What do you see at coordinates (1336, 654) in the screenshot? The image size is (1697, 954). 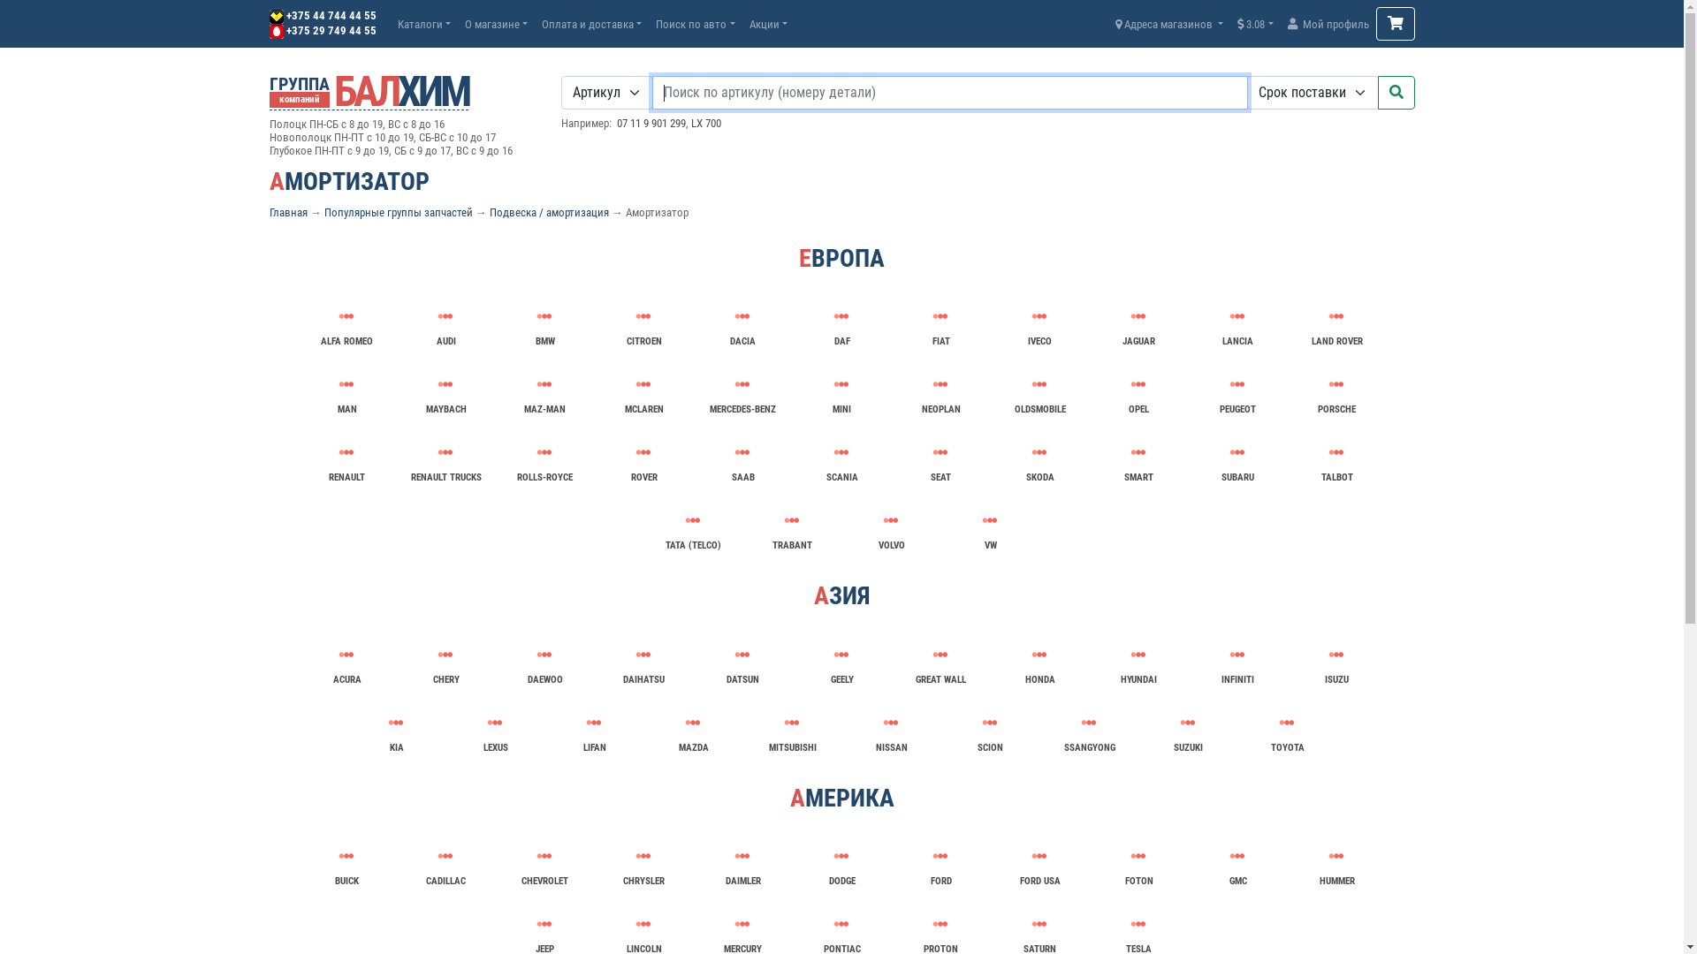 I see `'ISUZU'` at bounding box center [1336, 654].